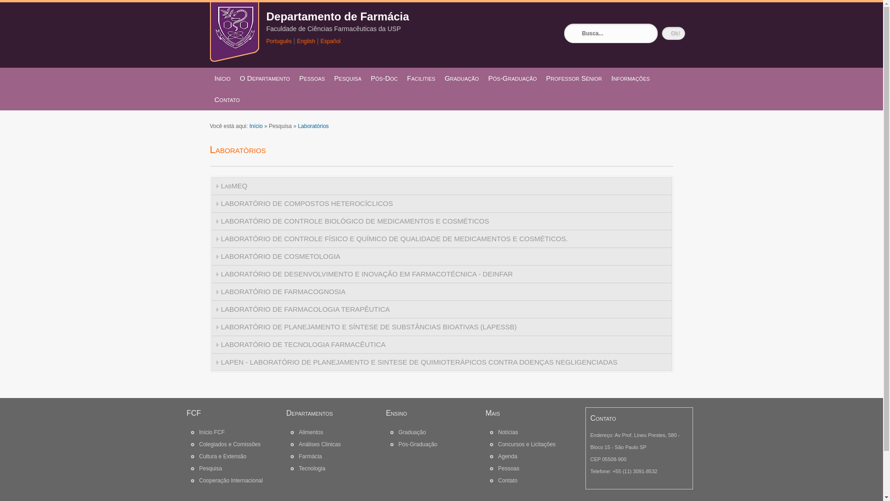  What do you see at coordinates (497, 456) in the screenshot?
I see `'Agenda'` at bounding box center [497, 456].